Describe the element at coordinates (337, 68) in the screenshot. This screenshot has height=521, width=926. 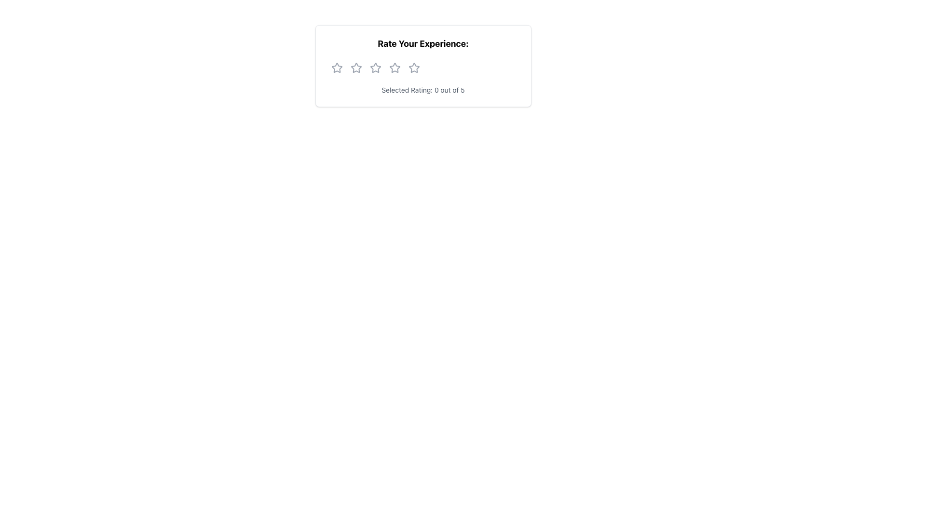
I see `the first star-shaped icon in the rating row under the heading 'Rate Your Experience:'` at that location.